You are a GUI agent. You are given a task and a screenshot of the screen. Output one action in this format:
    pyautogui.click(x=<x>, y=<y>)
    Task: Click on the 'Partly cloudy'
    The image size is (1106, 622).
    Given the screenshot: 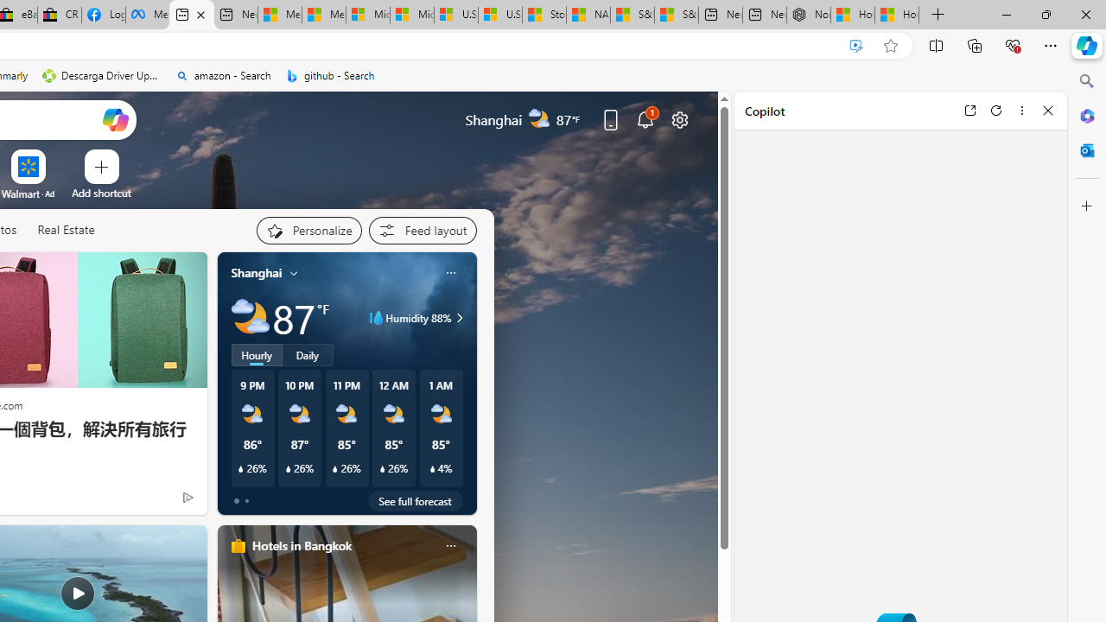 What is the action you would take?
    pyautogui.click(x=249, y=318)
    